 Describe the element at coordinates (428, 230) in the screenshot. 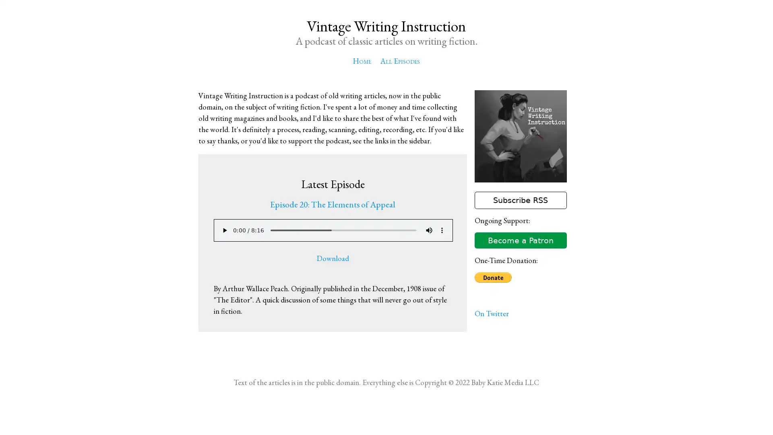

I see `mute` at that location.